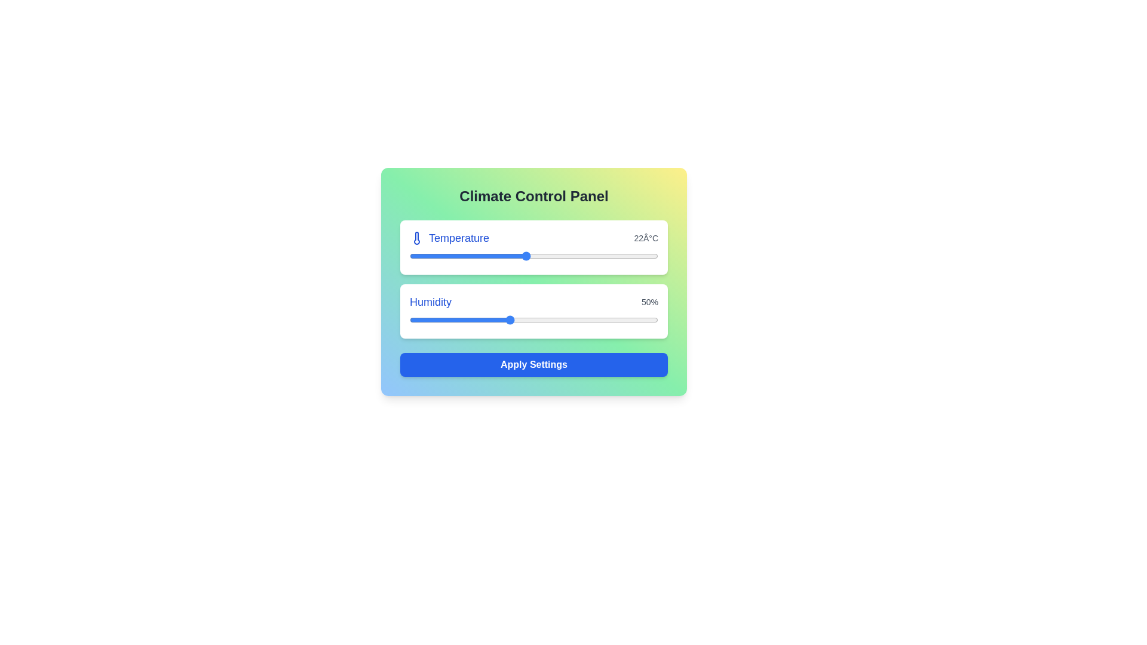  Describe the element at coordinates (533, 255) in the screenshot. I see `the thumb of the temperature range slider located in the upper section of the Climate Control Panel` at that location.